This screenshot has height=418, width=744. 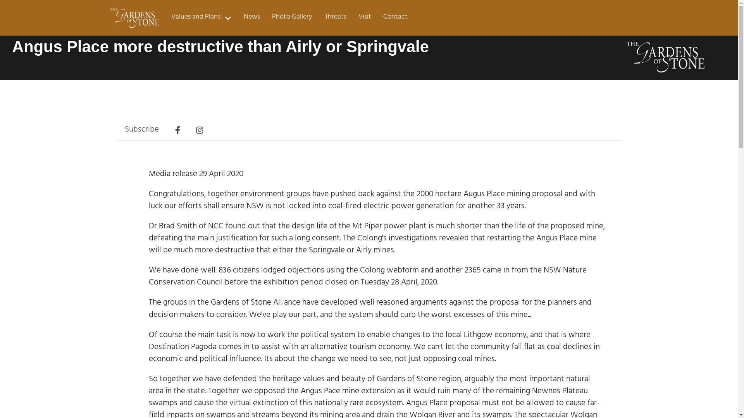 I want to click on 'Values and Plans', so click(x=165, y=17).